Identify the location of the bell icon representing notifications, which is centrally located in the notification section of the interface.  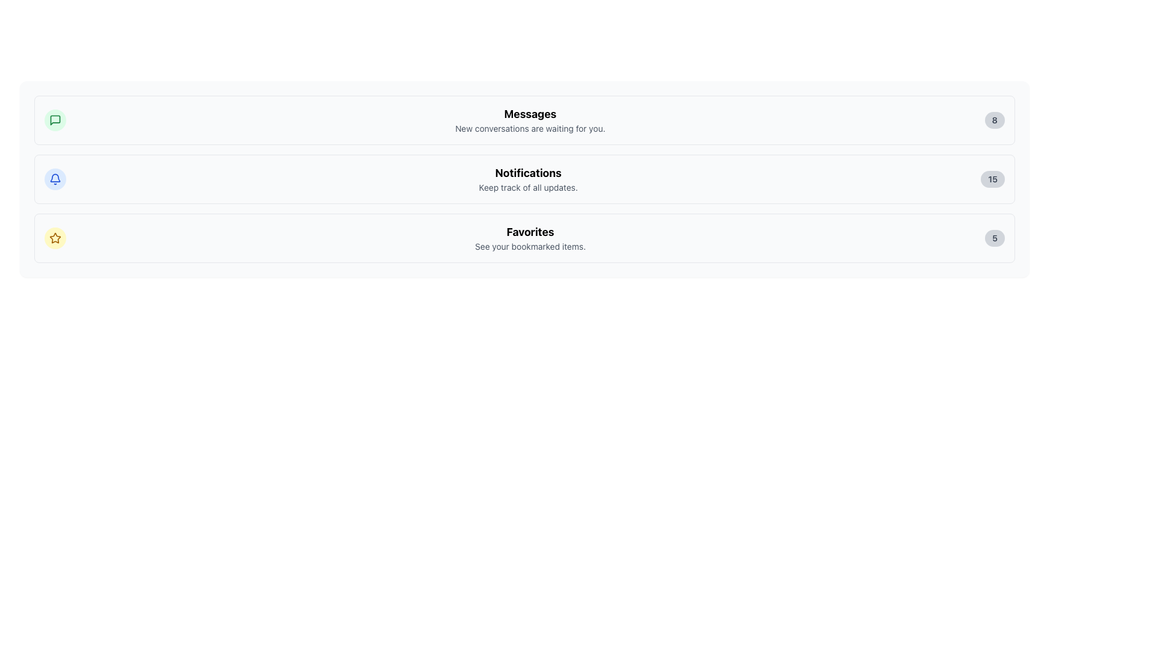
(54, 179).